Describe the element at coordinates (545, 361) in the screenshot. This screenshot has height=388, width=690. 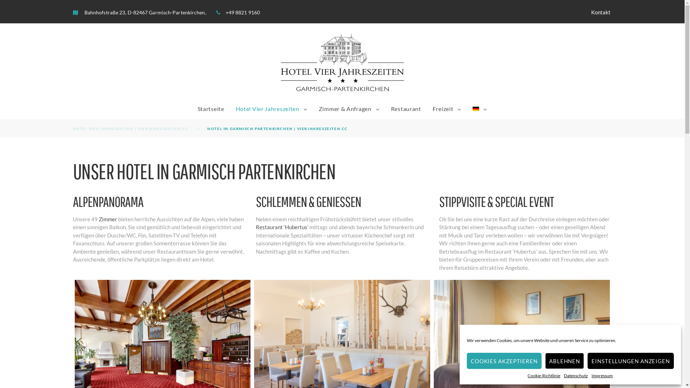
I see `'ABLEHNEN'` at that location.